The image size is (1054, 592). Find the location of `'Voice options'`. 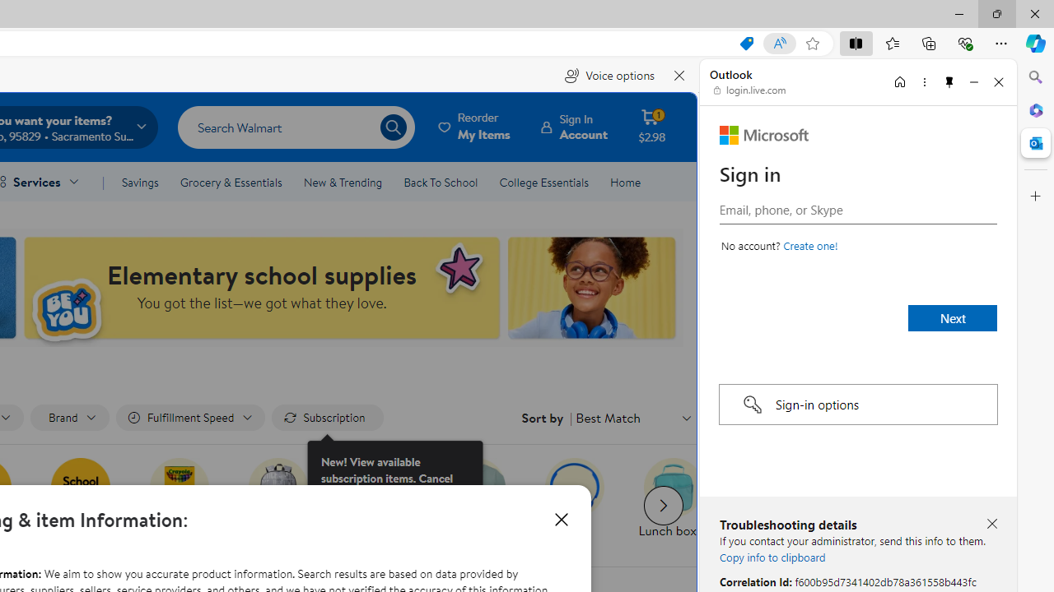

'Voice options' is located at coordinates (609, 76).